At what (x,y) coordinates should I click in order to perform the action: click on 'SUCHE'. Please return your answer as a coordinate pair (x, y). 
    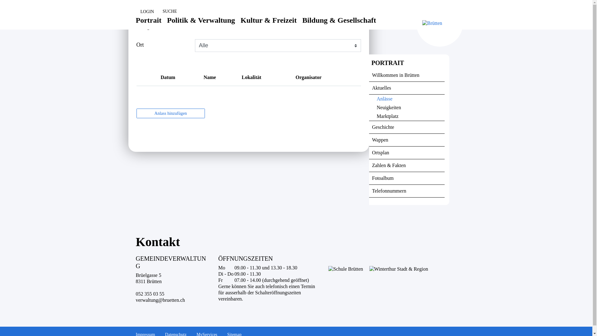
    Looking at the image, I should click on (167, 12).